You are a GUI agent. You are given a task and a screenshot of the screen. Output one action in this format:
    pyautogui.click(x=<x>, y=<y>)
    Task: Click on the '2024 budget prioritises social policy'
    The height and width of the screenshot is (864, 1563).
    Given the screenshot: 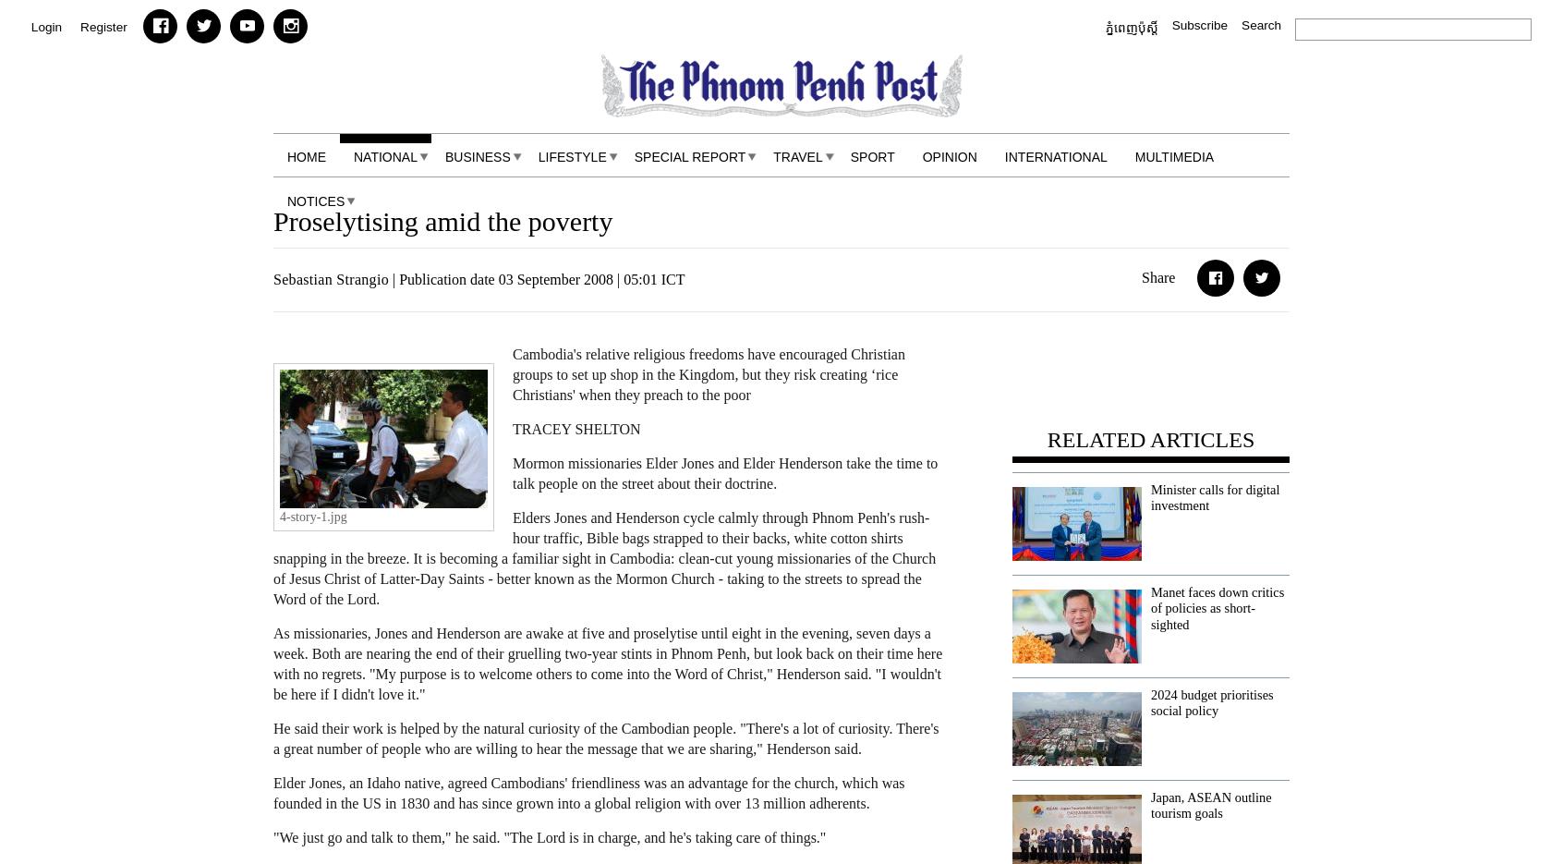 What is the action you would take?
    pyautogui.click(x=1150, y=701)
    